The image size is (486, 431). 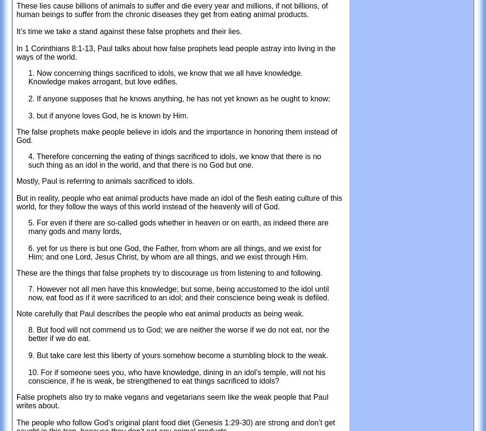 What do you see at coordinates (176, 135) in the screenshot?
I see `'The false prophets make people believe in idols and the importance in 
	honoring them instead of God.'` at bounding box center [176, 135].